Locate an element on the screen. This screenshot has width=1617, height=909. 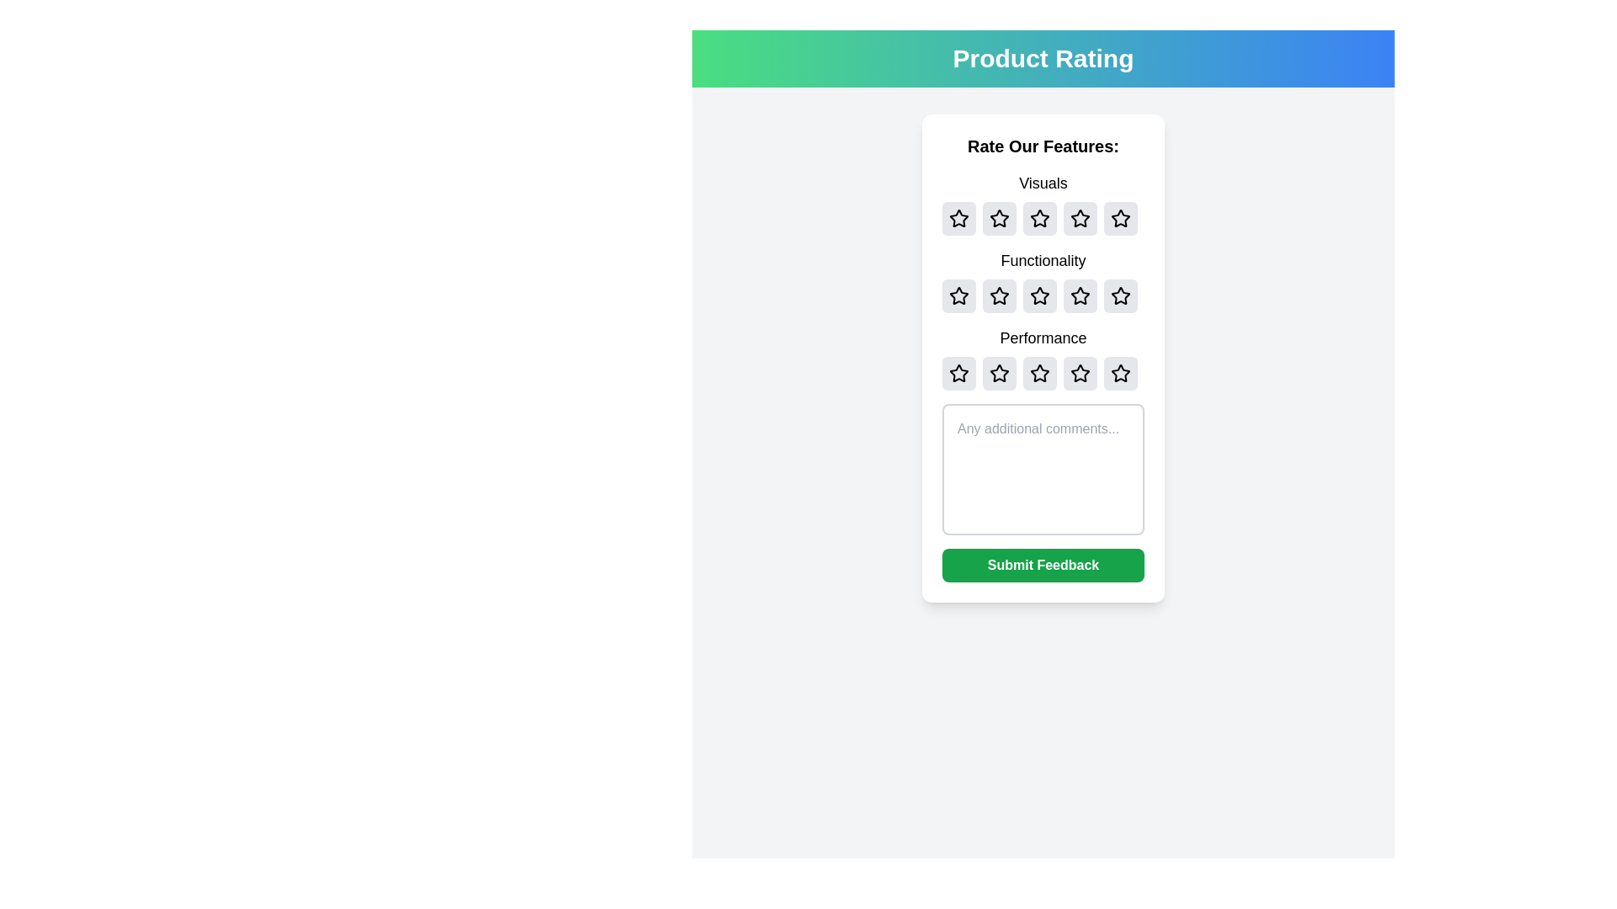
the third star in the star rating system under the 'Functionality' category is located at coordinates (1080, 295).